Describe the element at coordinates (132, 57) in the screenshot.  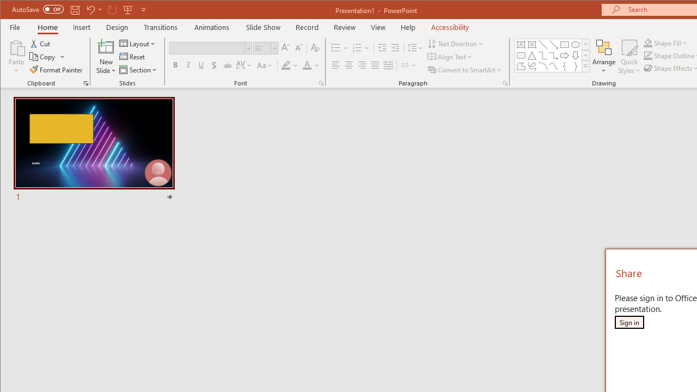
I see `'Reset'` at that location.